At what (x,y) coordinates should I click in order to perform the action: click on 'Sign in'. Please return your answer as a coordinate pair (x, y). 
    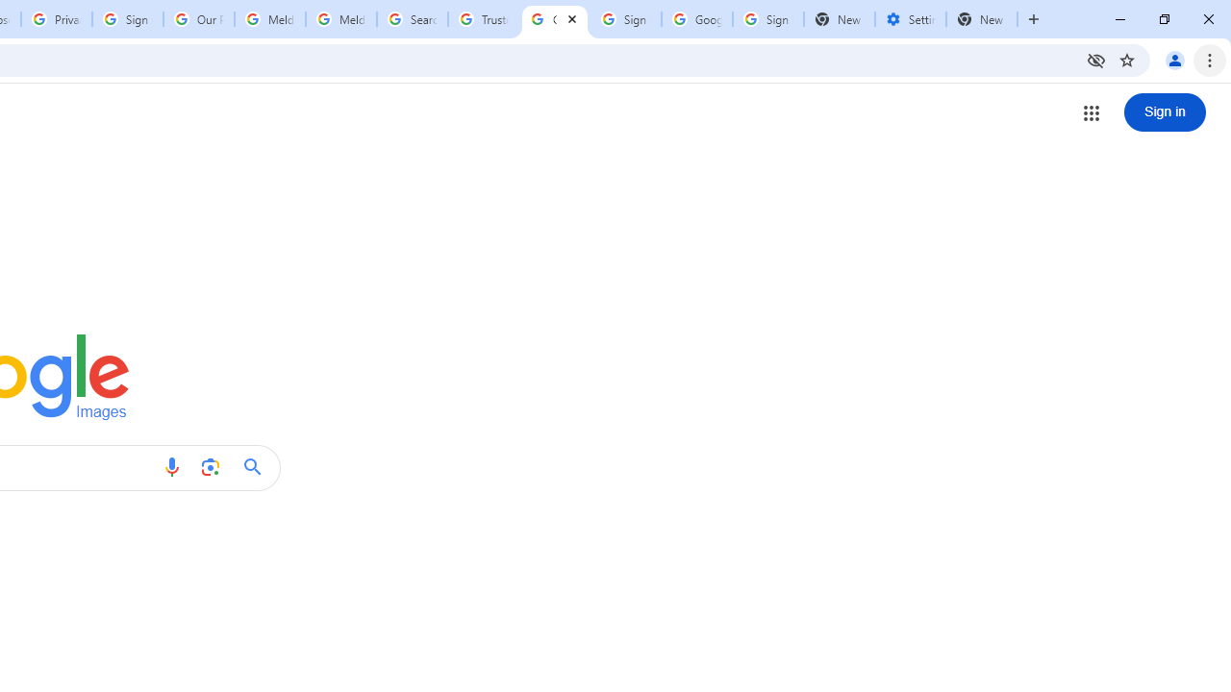
    Looking at the image, I should click on (1164, 112).